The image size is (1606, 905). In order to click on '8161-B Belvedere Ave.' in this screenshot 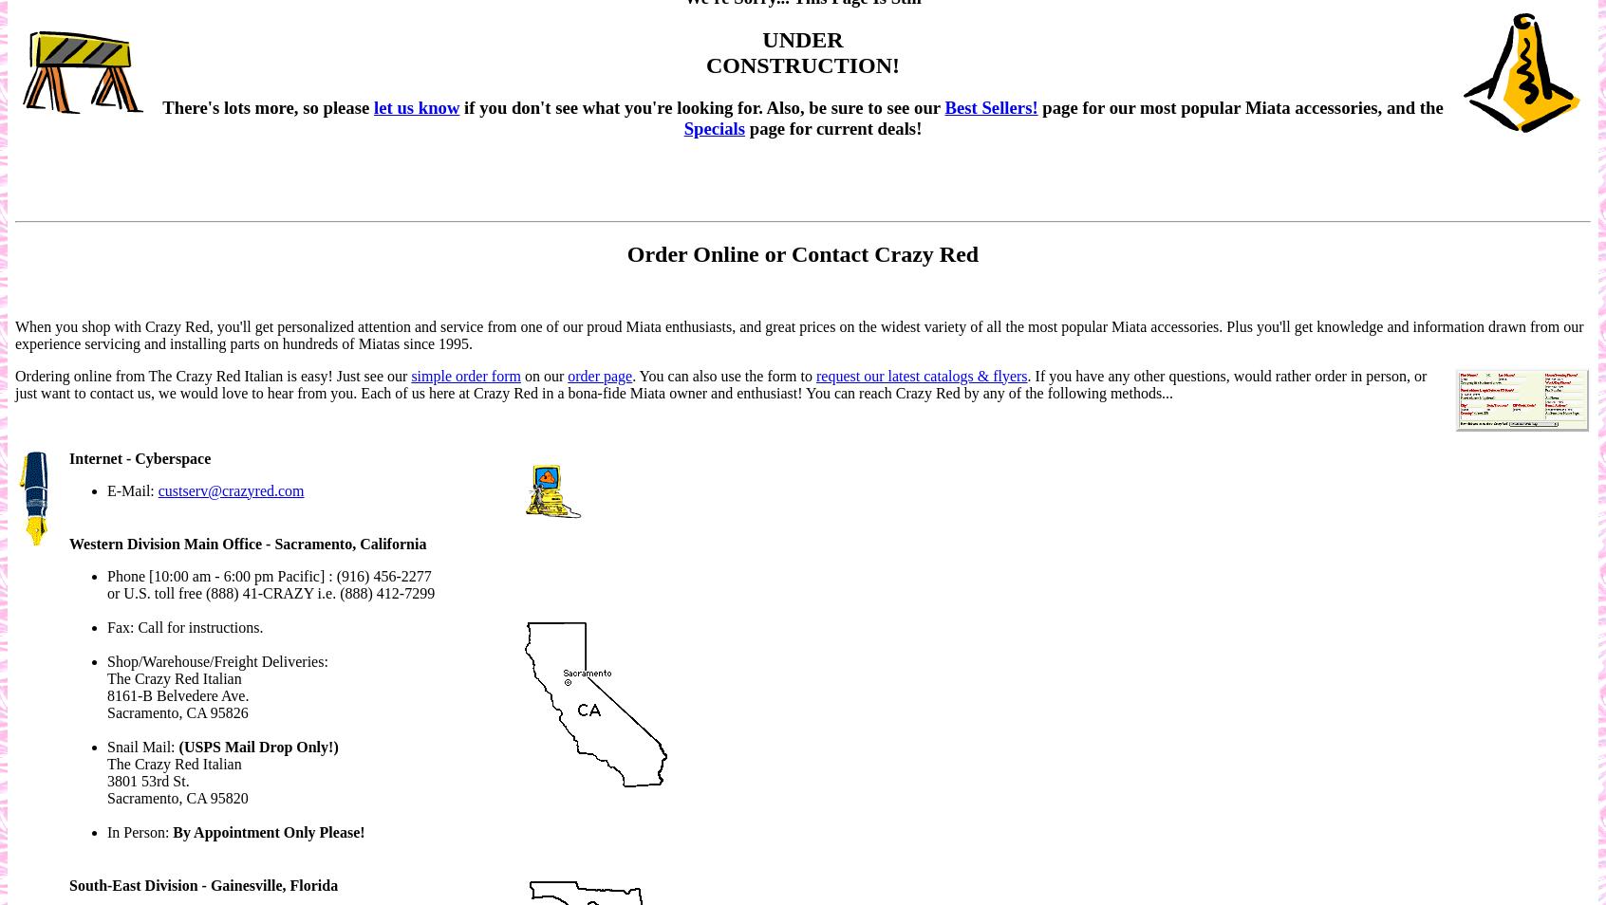, I will do `click(177, 694)`.